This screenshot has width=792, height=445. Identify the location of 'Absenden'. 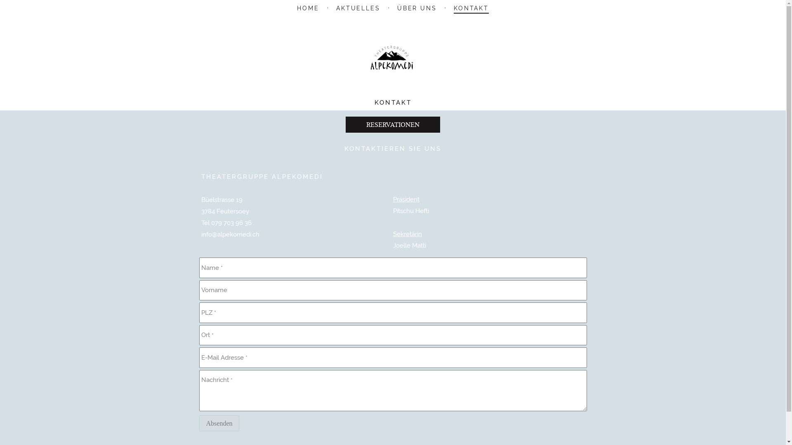
(219, 423).